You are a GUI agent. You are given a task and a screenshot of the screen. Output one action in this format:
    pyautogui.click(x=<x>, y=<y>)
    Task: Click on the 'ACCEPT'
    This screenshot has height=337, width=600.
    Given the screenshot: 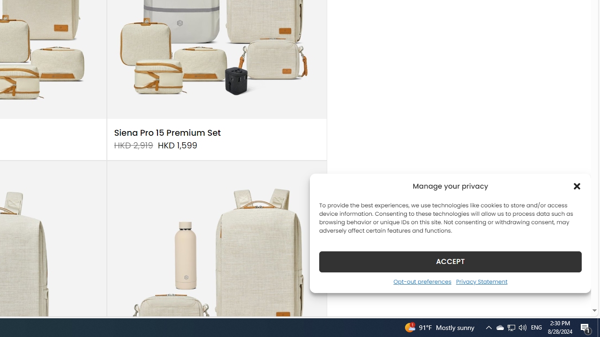 What is the action you would take?
    pyautogui.click(x=450, y=261)
    